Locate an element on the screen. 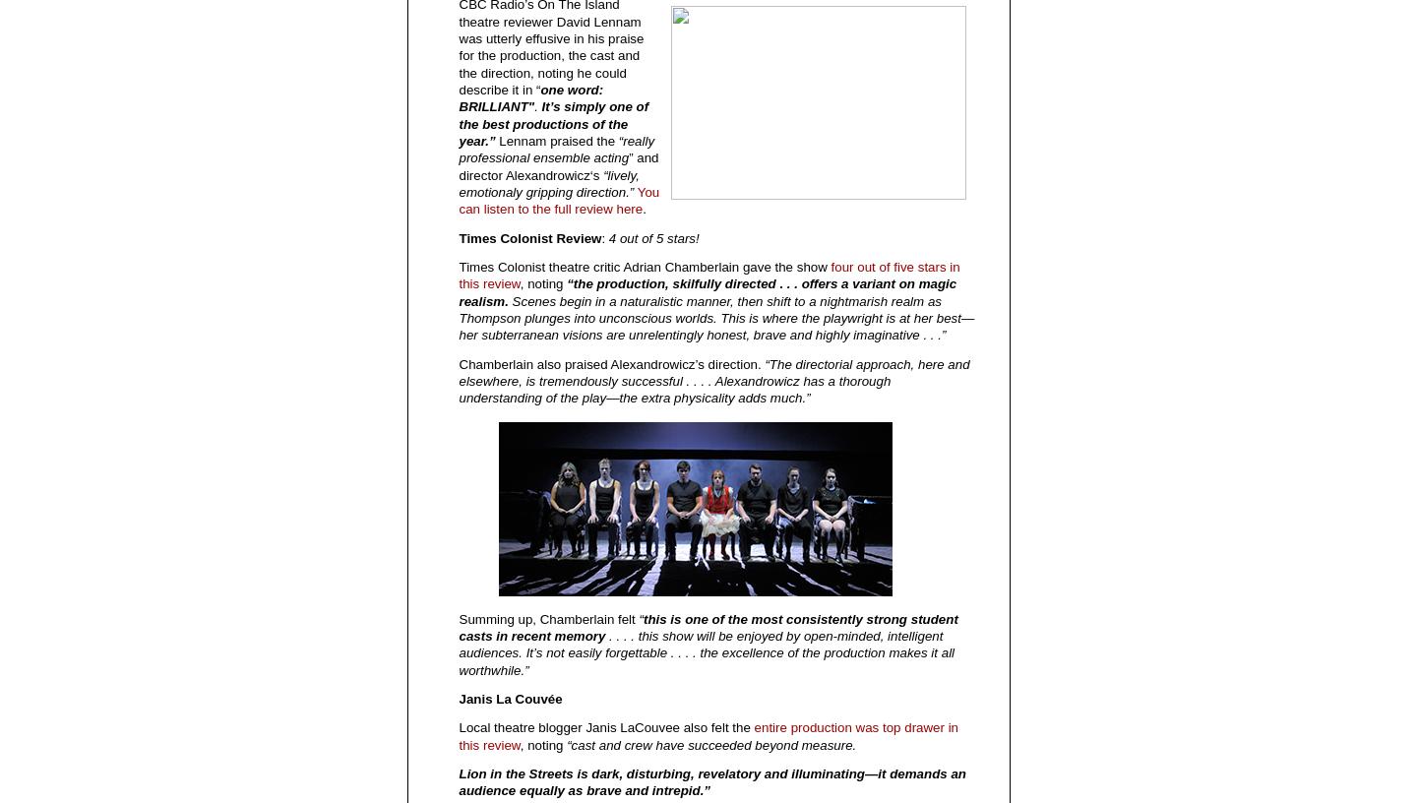 This screenshot has height=803, width=1417. '“lively, emotionaly gripping direction.”' is located at coordinates (548, 183).